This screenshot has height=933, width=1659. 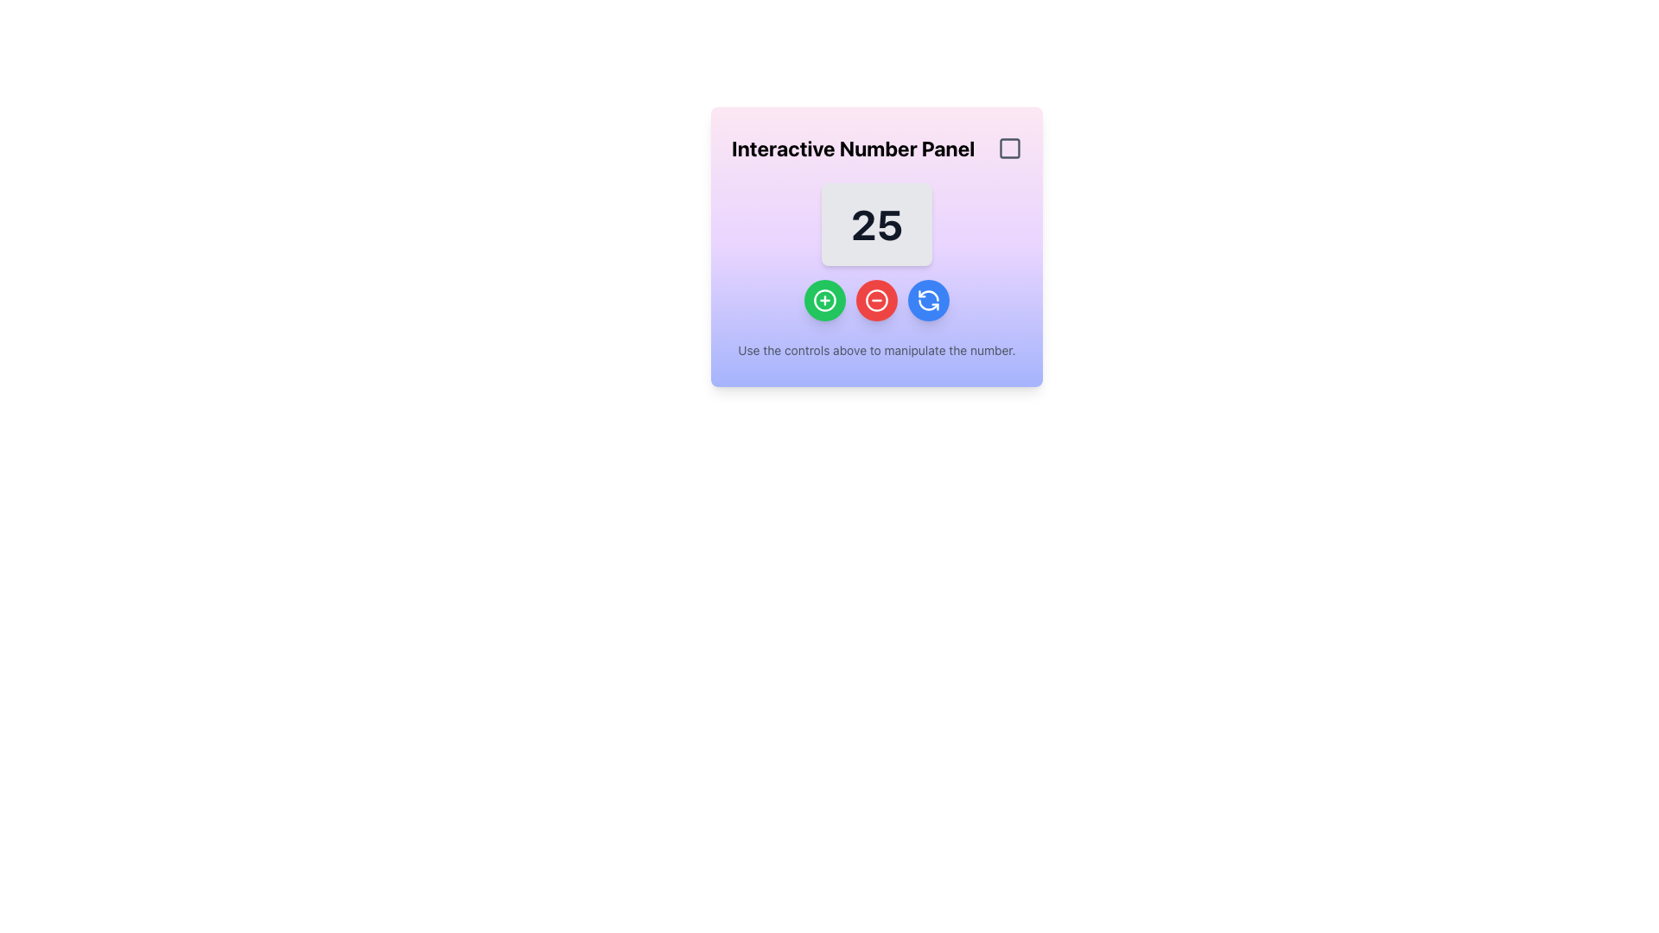 I want to click on the minimalist square-shaped icon with a thin dark border located at the top-right corner of the 'Interactive Number Panel', so click(x=1010, y=148).